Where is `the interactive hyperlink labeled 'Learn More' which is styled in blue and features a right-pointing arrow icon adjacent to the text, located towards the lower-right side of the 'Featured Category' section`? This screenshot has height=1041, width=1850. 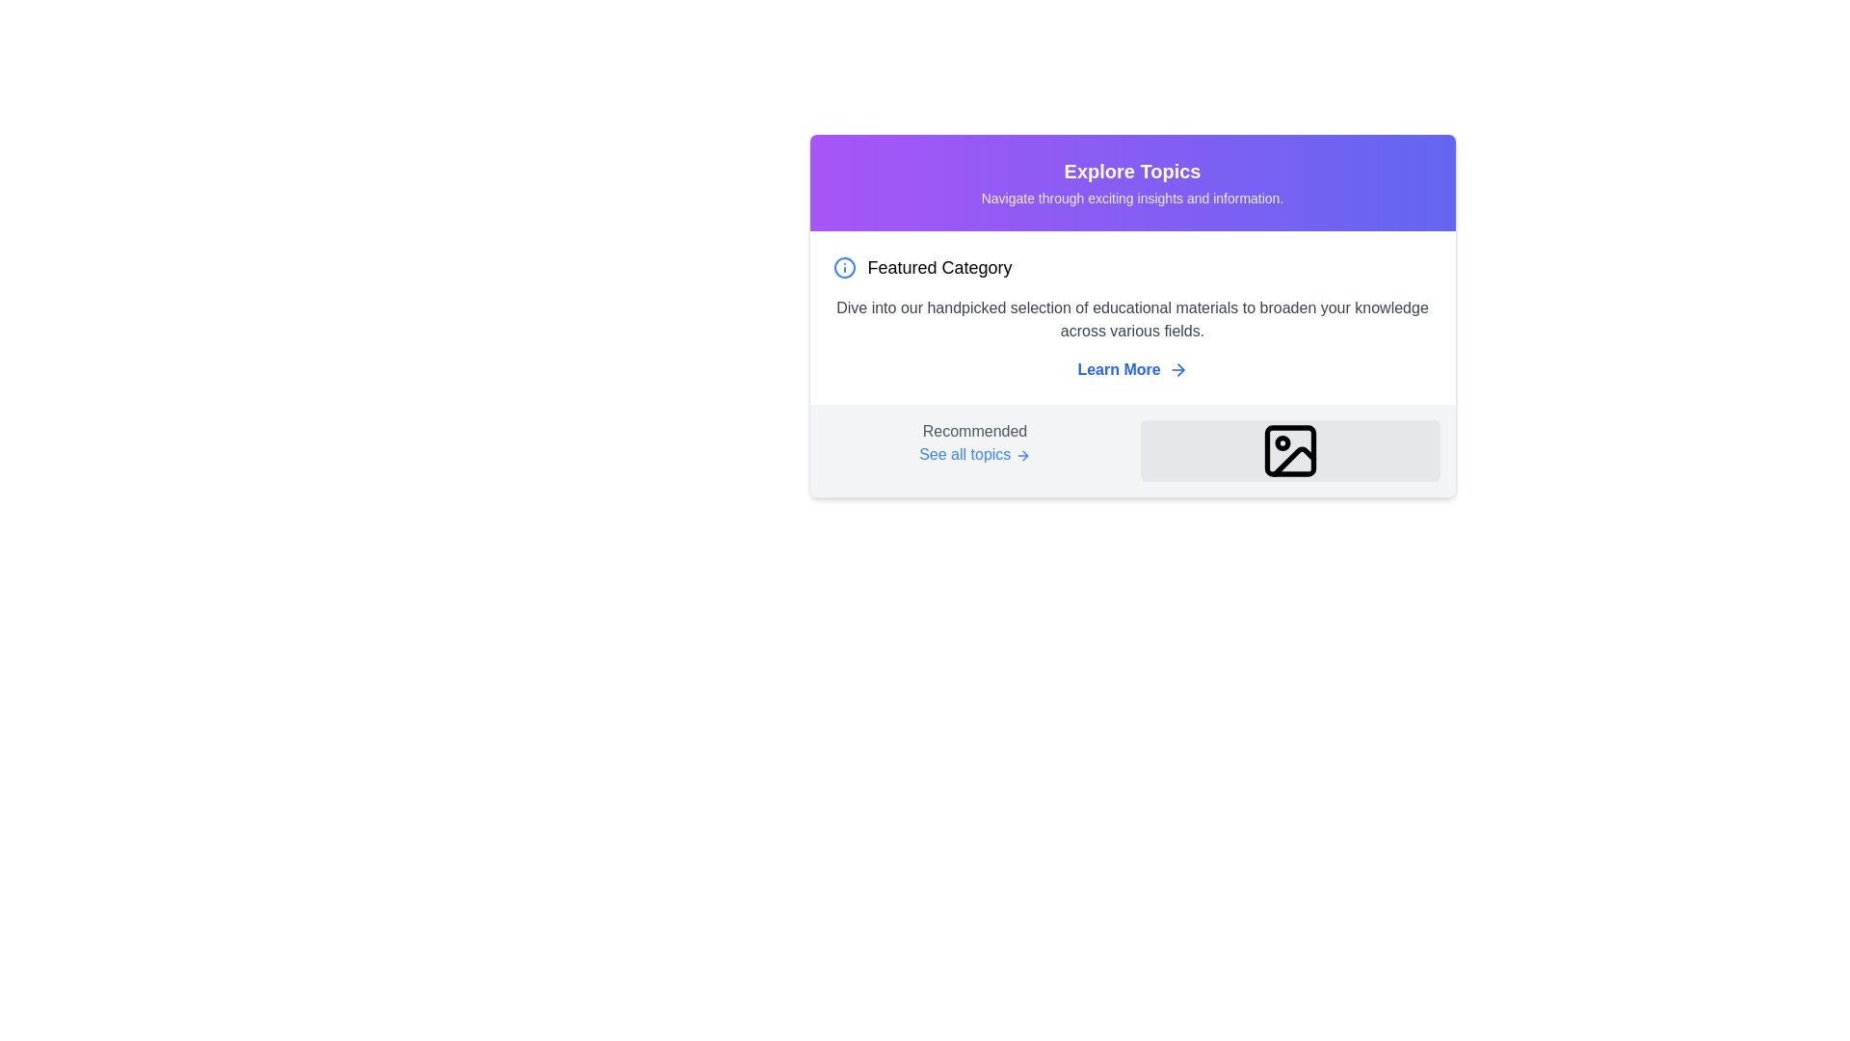
the interactive hyperlink labeled 'Learn More' which is styled in blue and features a right-pointing arrow icon adjacent to the text, located towards the lower-right side of the 'Featured Category' section is located at coordinates (1132, 370).